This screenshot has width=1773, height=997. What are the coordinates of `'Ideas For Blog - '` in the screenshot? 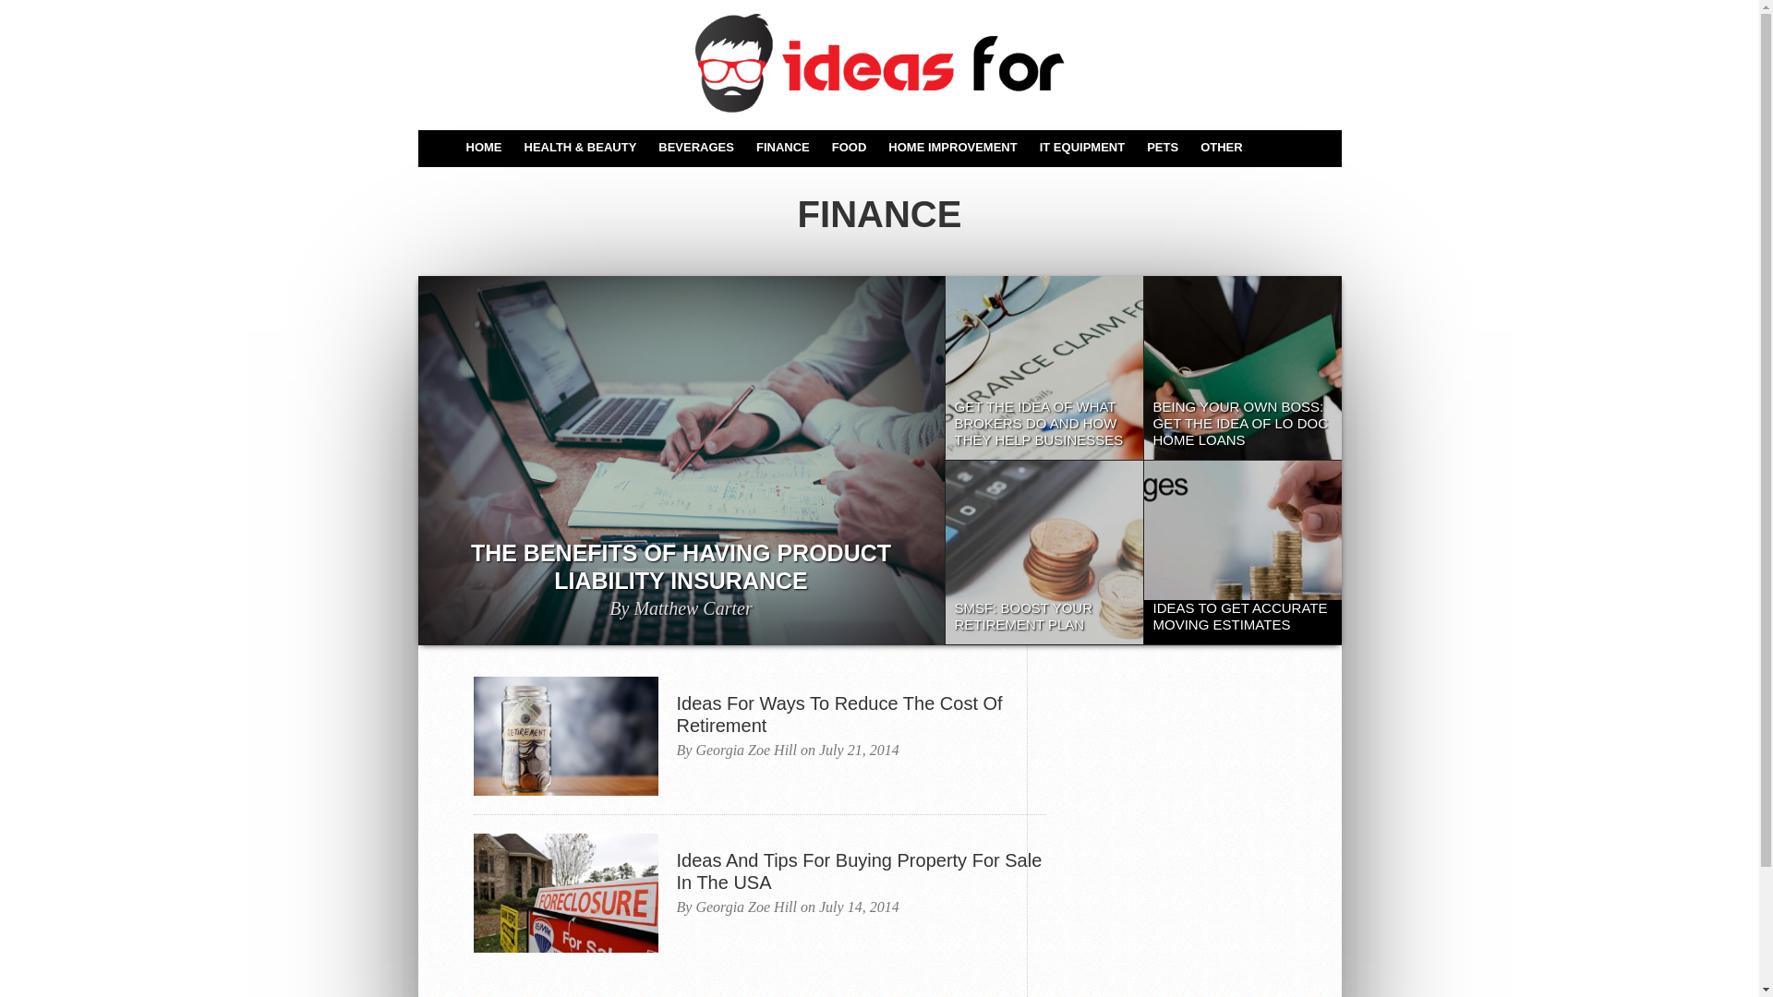 It's located at (877, 62).